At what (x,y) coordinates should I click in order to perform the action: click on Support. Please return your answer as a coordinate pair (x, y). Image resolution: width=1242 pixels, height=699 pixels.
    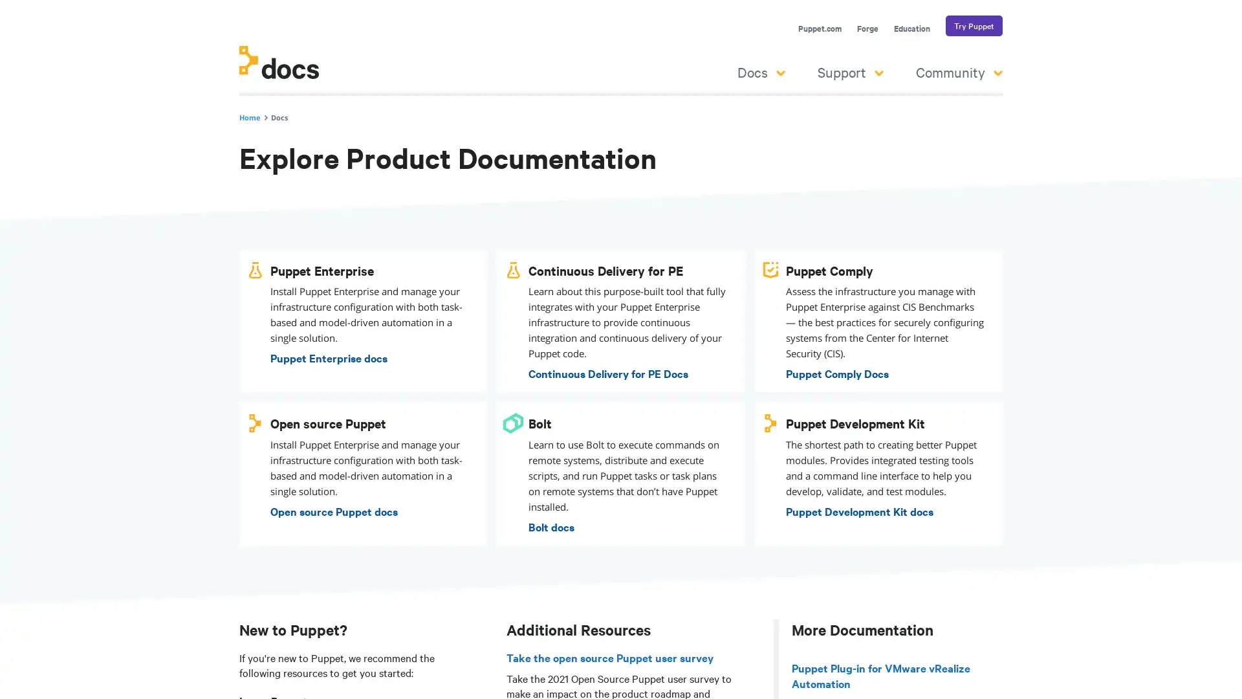
    Looking at the image, I should click on (851, 78).